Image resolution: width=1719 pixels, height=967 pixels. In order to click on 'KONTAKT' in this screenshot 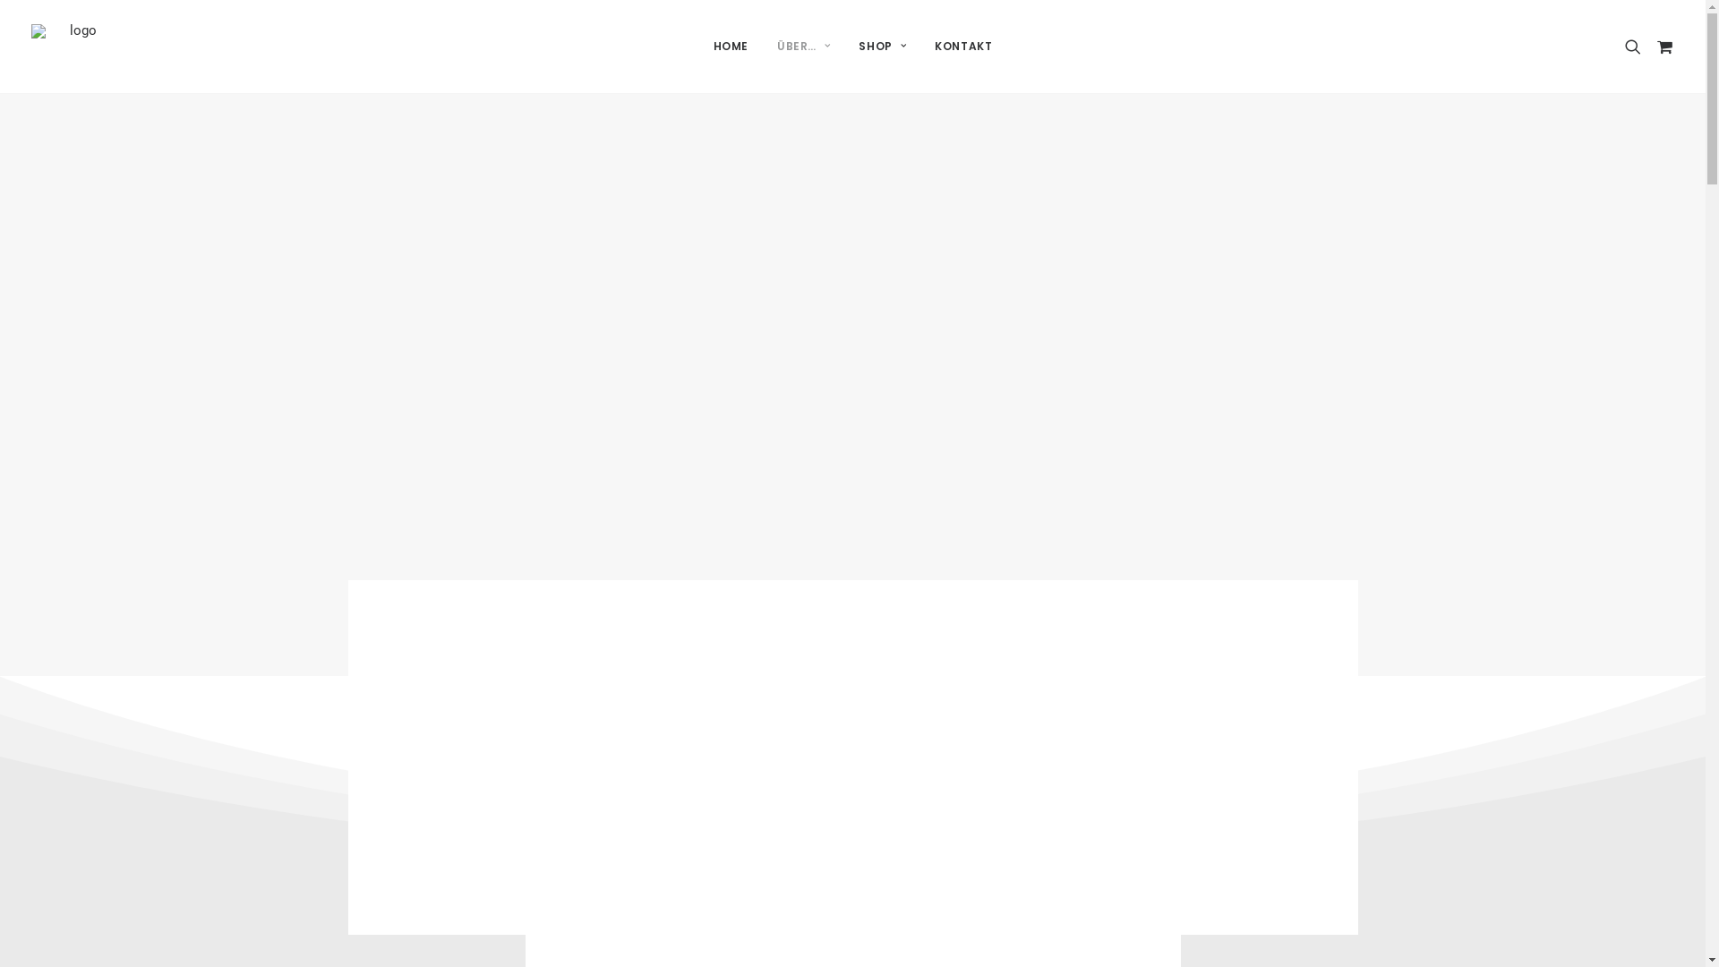, I will do `click(962, 45)`.